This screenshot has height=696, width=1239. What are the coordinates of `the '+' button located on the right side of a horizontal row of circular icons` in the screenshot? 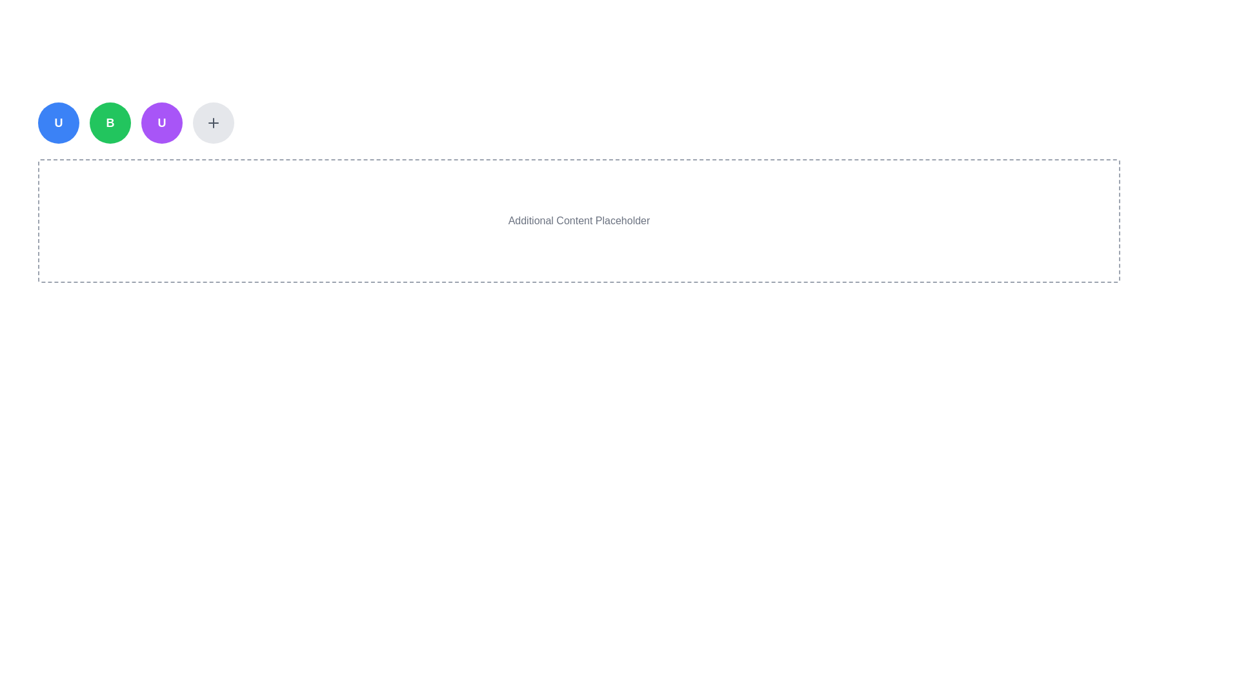 It's located at (214, 123).